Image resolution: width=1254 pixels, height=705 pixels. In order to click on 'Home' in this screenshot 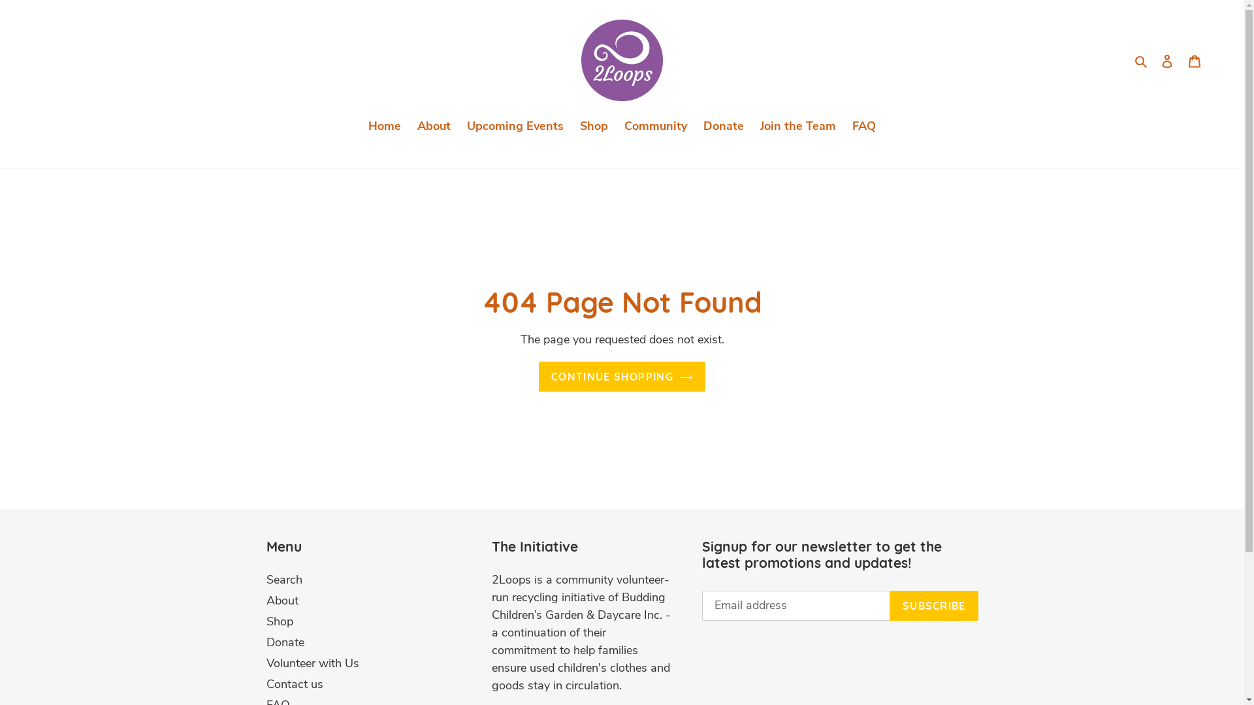, I will do `click(384, 127)`.